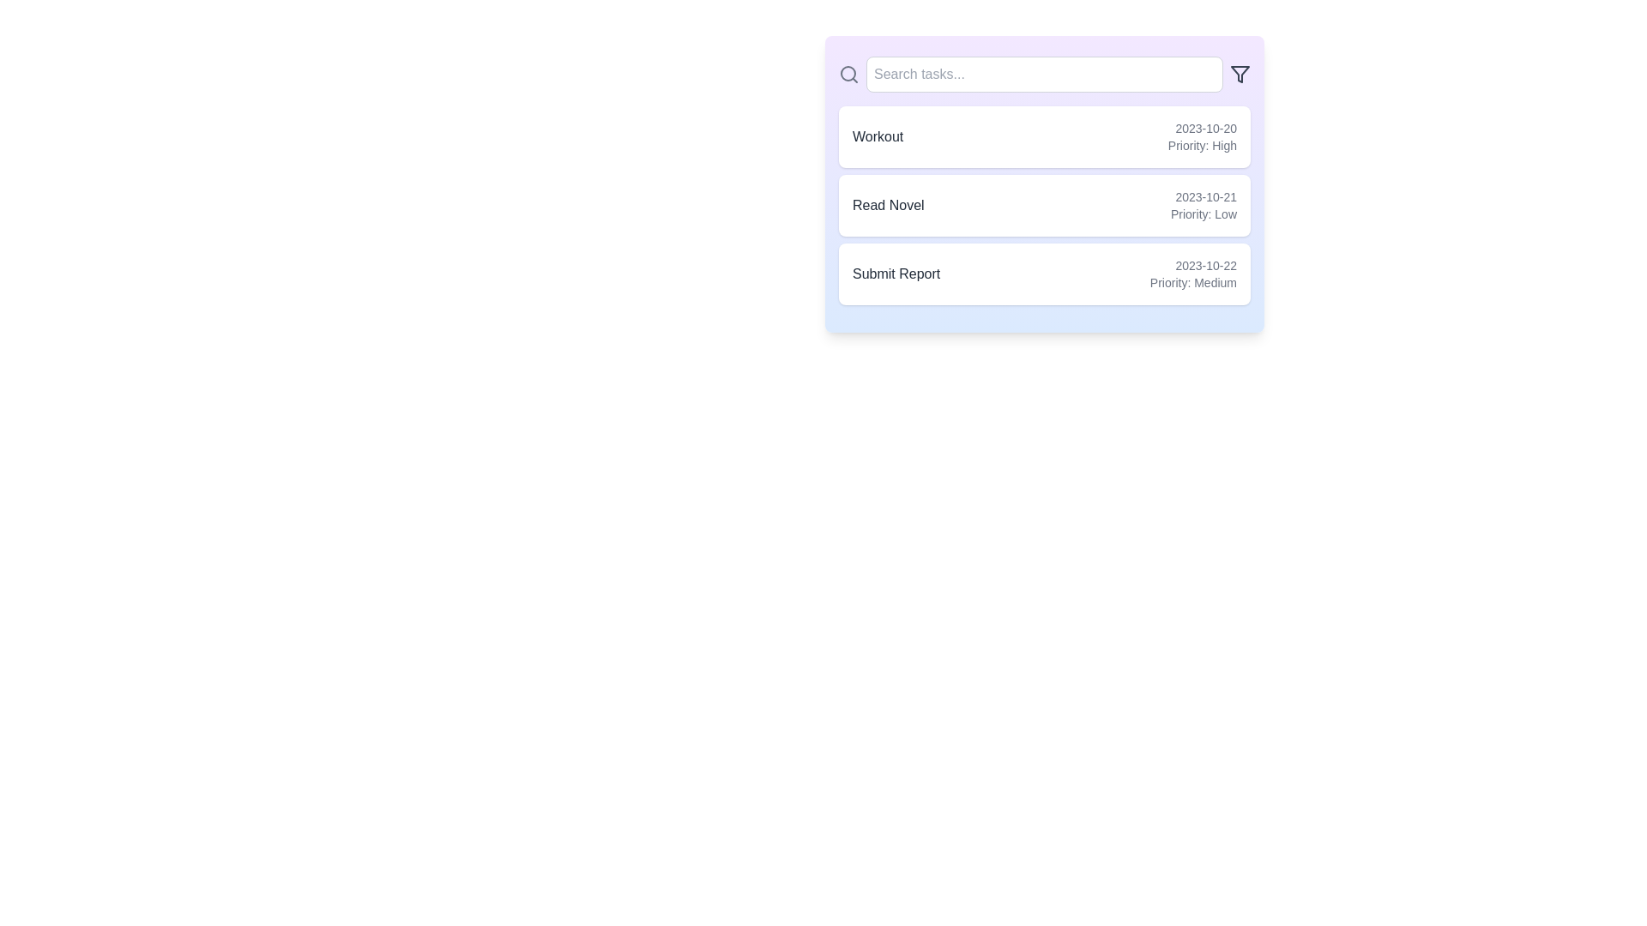 The height and width of the screenshot is (926, 1647). What do you see at coordinates (1240, 74) in the screenshot?
I see `the filter icon to open the filter options` at bounding box center [1240, 74].